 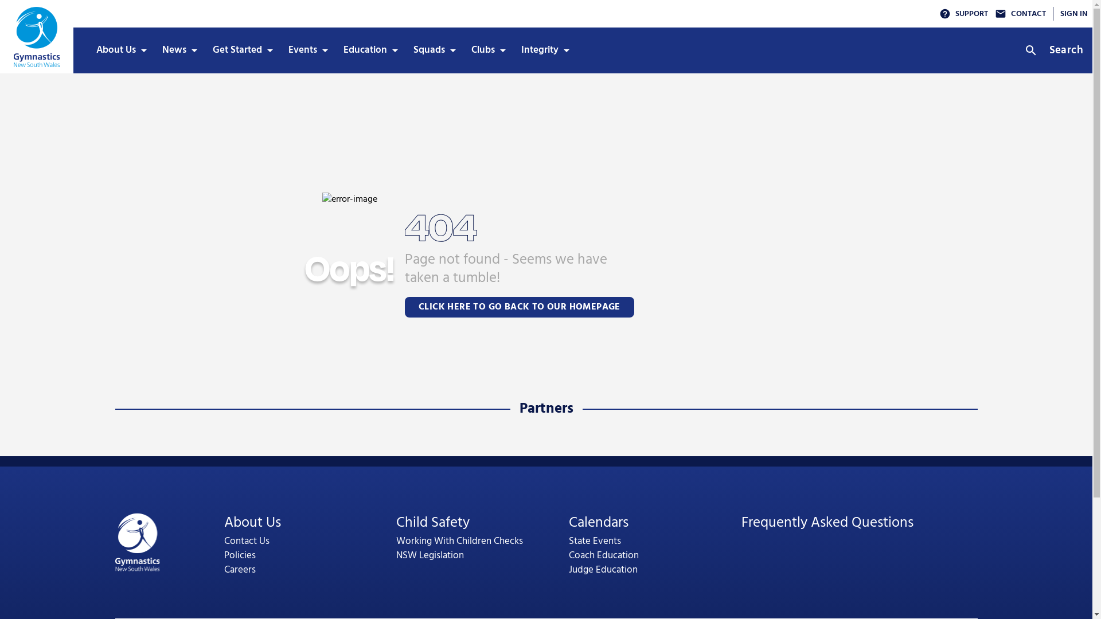 I want to click on 'News', so click(x=153, y=50).